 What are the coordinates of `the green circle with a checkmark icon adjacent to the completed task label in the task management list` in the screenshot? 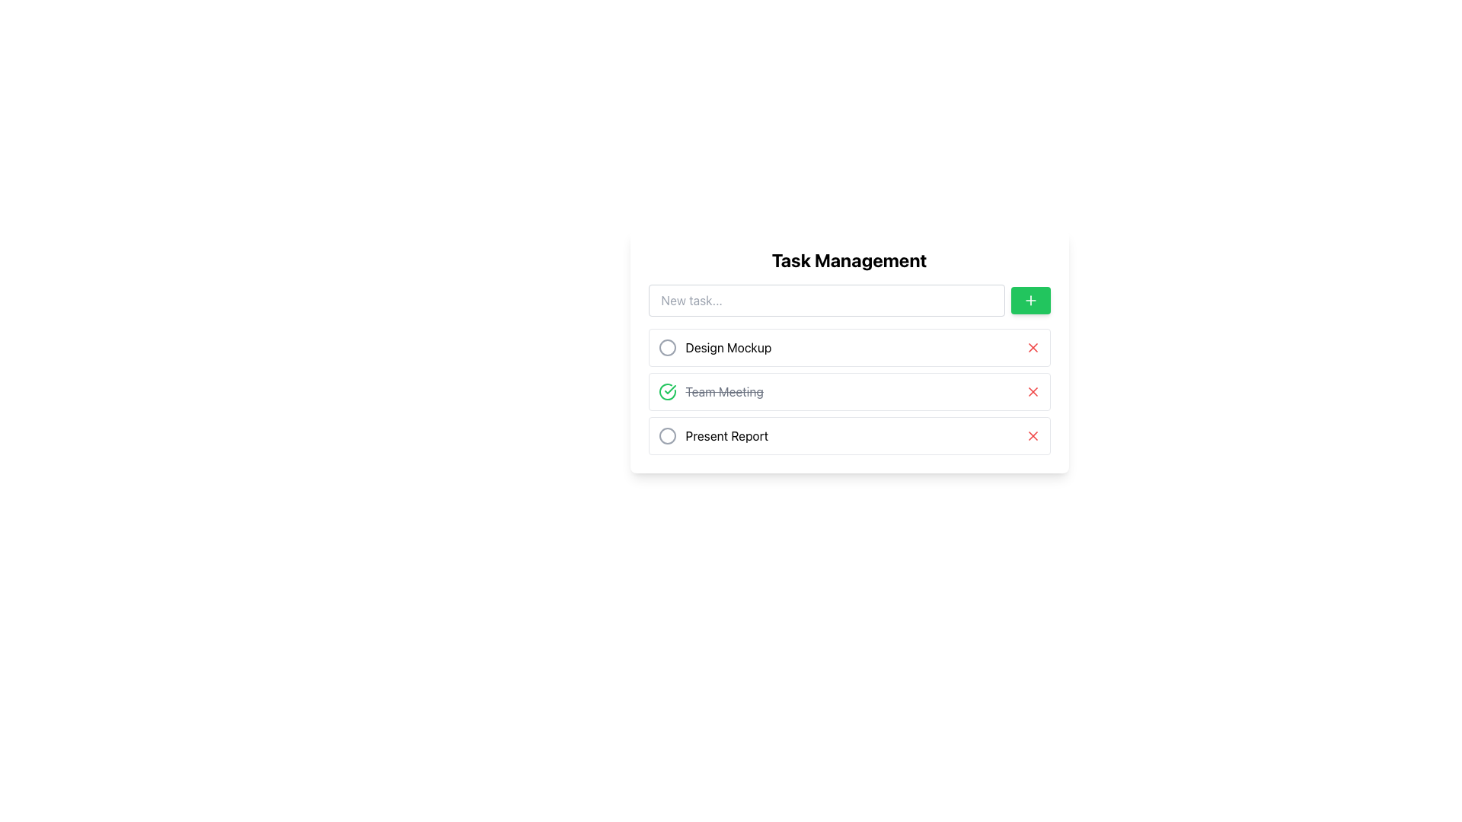 It's located at (723, 391).